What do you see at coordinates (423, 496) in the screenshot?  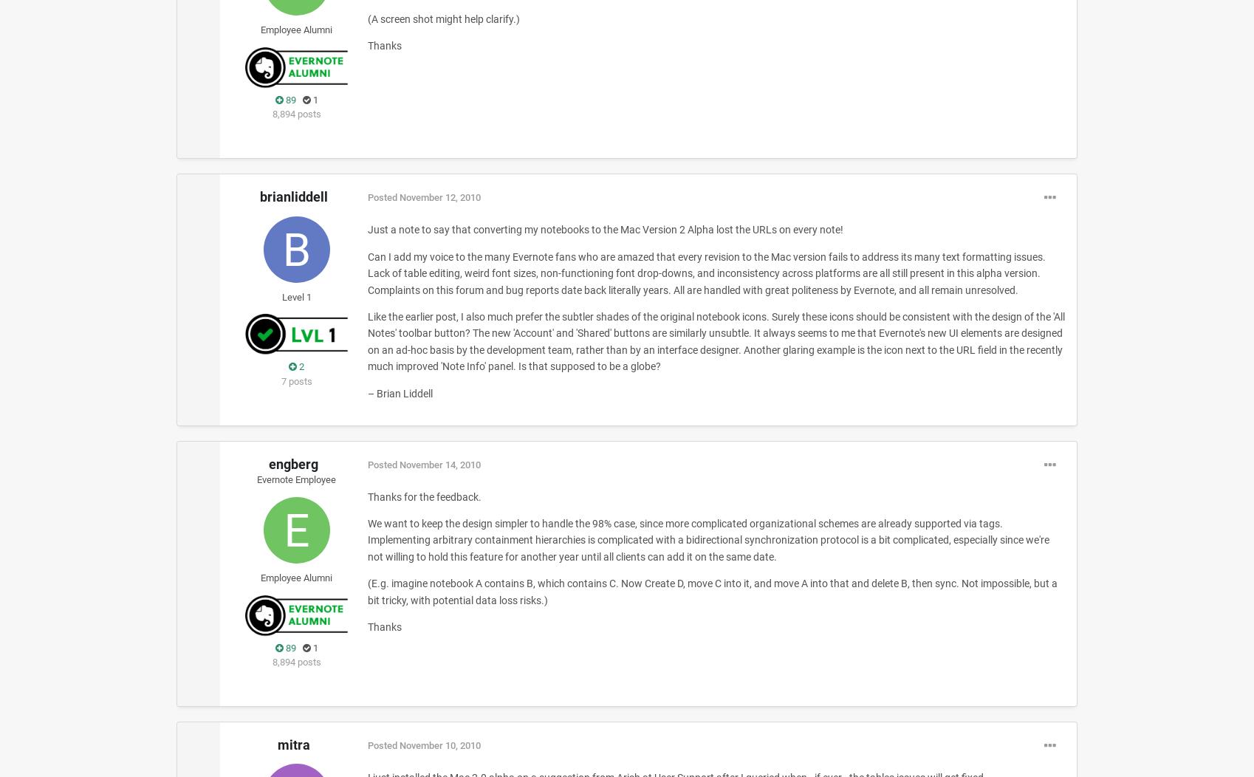 I see `'Thanks for the feedback.'` at bounding box center [423, 496].